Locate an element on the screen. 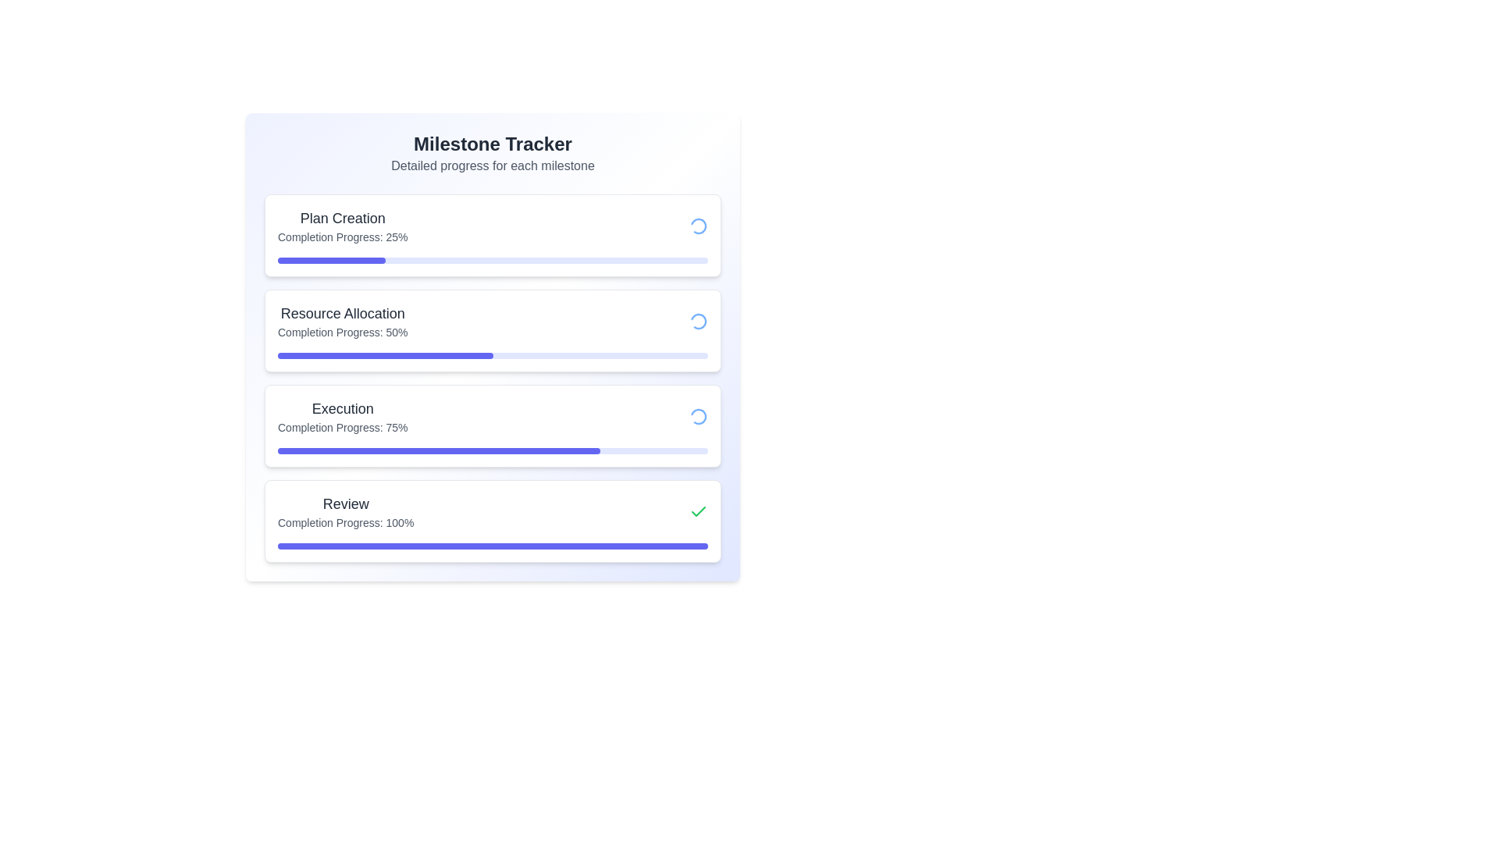  the third milestone in the Progress Tracker Layout is located at coordinates (492, 379).